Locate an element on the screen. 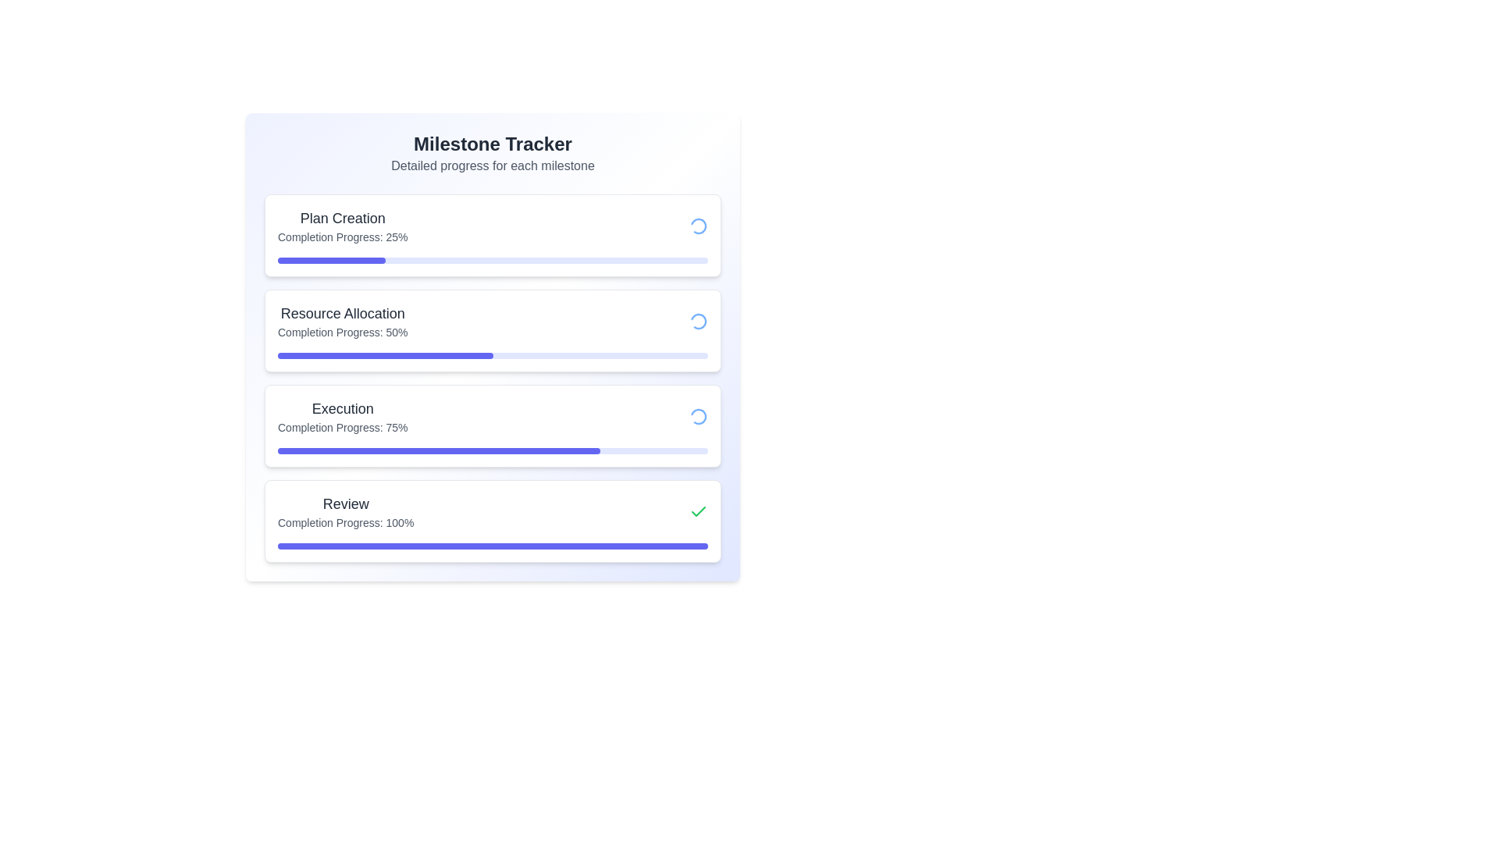  the third milestone in the Progress Tracker Layout is located at coordinates (492, 379).